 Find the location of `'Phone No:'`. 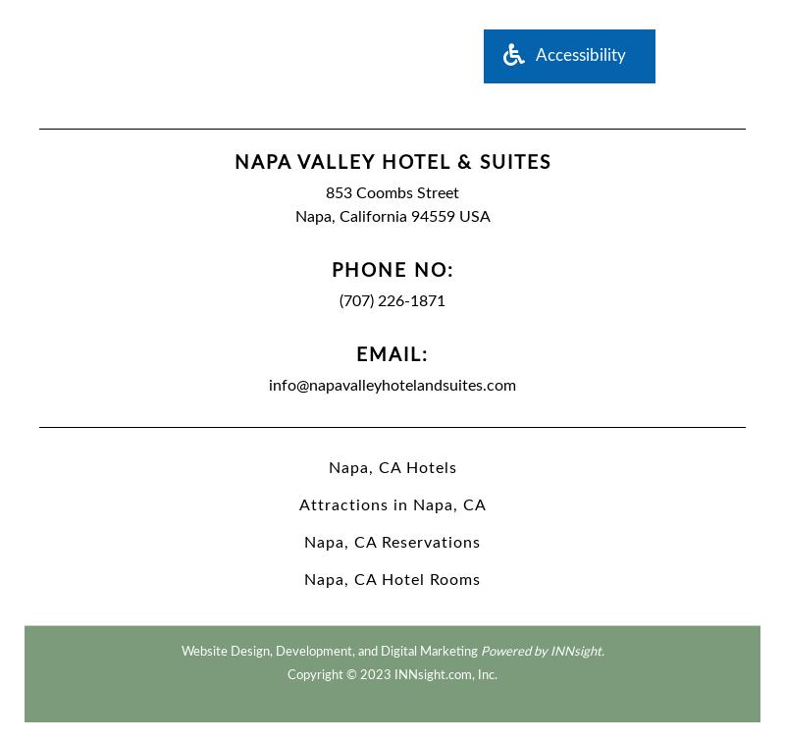

'Phone No:' is located at coordinates (391, 270).